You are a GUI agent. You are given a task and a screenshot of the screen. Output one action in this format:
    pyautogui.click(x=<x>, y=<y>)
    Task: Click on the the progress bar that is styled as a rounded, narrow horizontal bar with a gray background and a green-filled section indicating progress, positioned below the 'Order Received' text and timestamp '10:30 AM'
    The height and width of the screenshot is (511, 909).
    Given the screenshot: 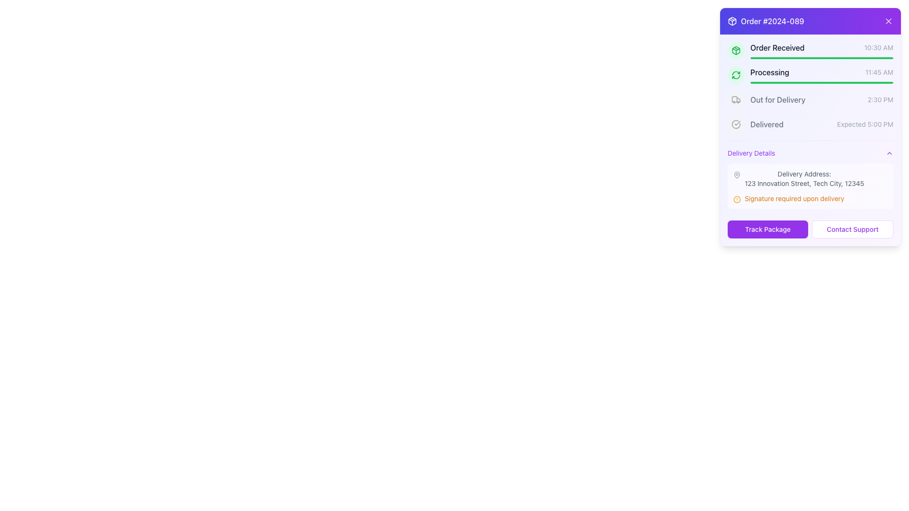 What is the action you would take?
    pyautogui.click(x=821, y=58)
    